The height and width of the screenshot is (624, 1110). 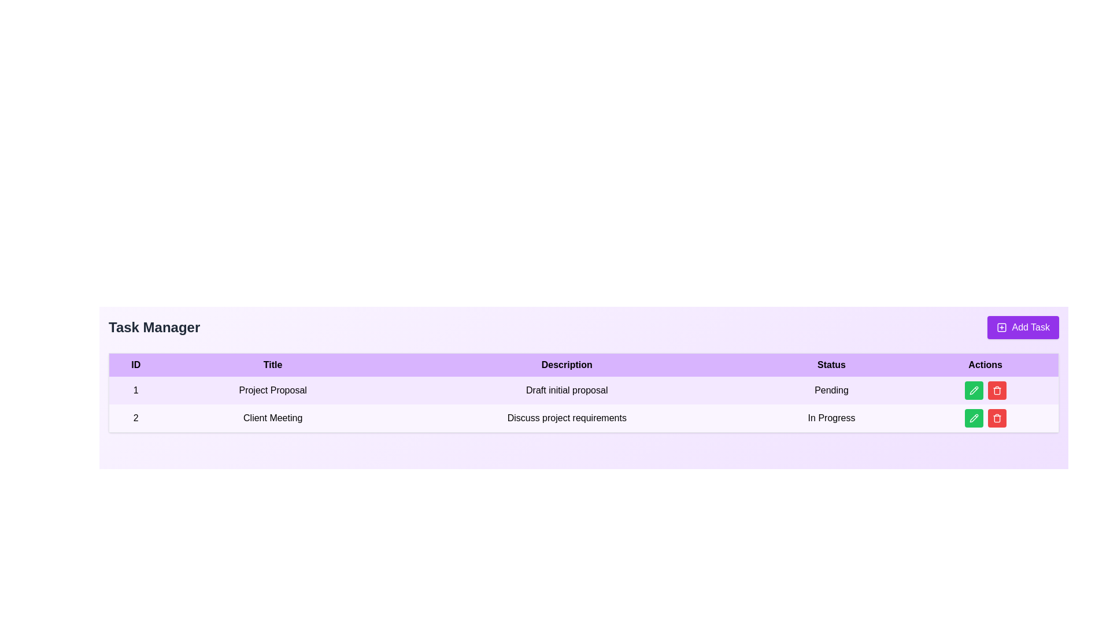 I want to click on text from the status indicator in the 'Status' column of the row labeled 'Project Proposal' with ID '1', so click(x=831, y=390).